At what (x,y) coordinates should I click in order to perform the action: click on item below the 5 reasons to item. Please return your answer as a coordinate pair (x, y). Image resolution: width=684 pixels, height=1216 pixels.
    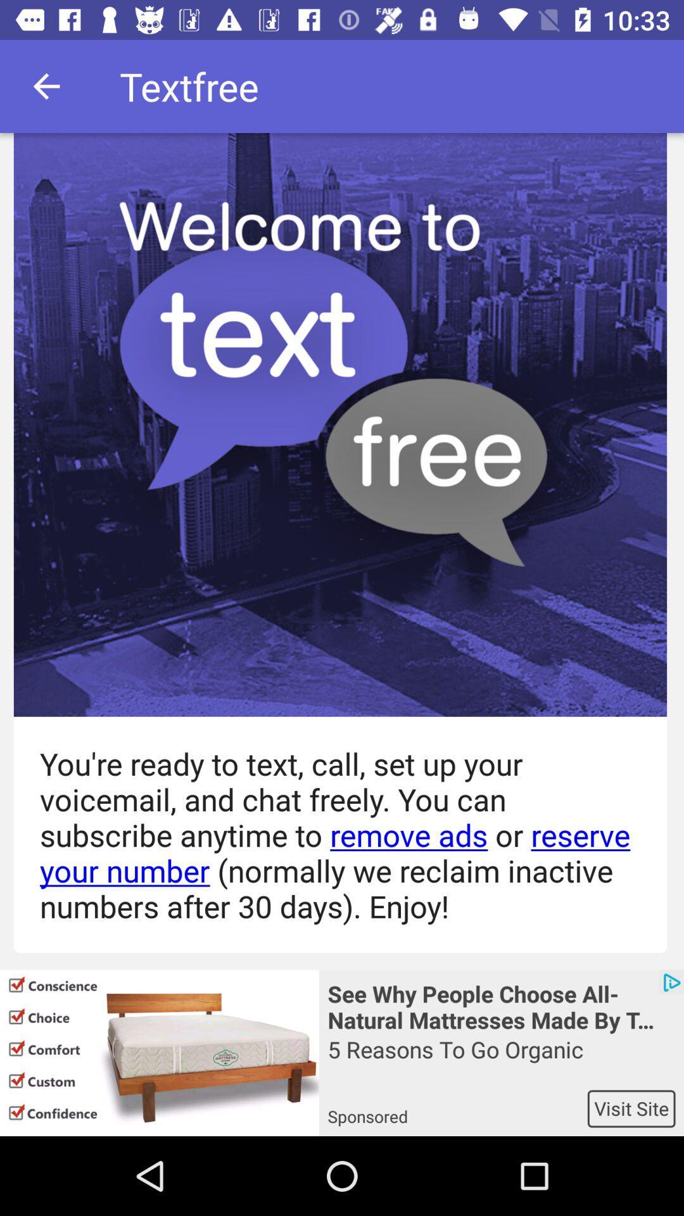
    Looking at the image, I should click on (631, 1108).